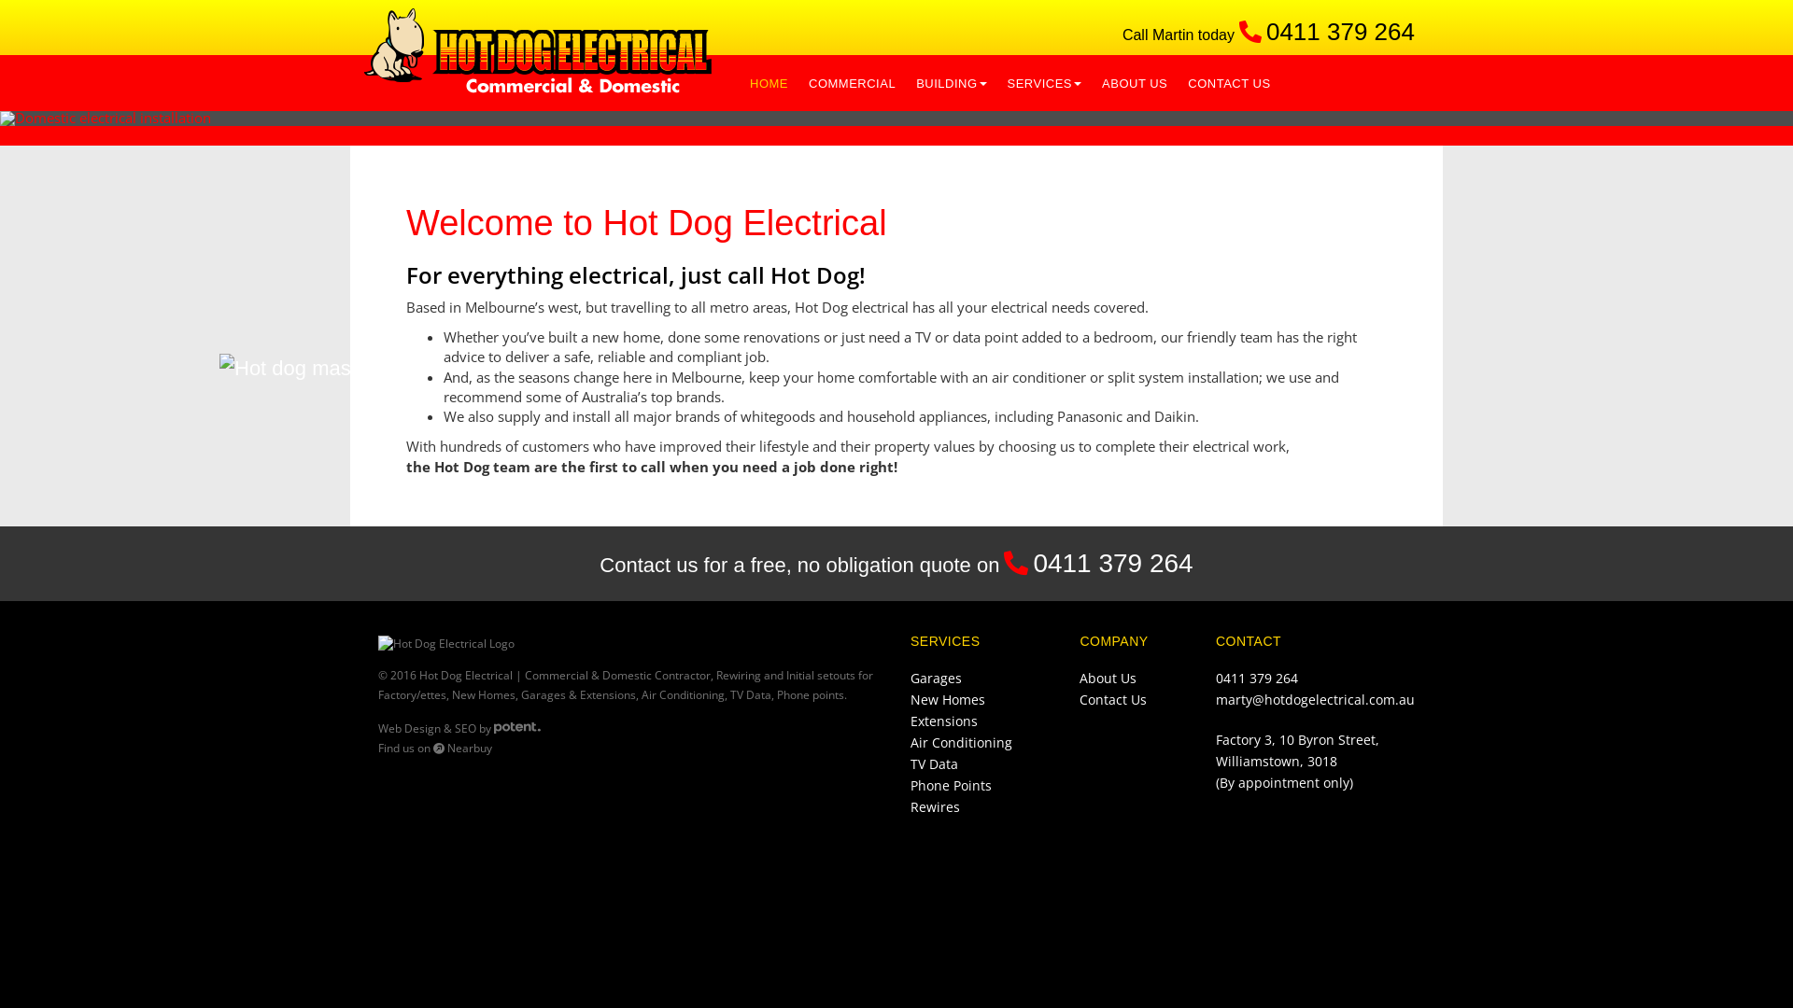 This screenshot has width=1793, height=1008. I want to click on 'TV Data', so click(910, 763).